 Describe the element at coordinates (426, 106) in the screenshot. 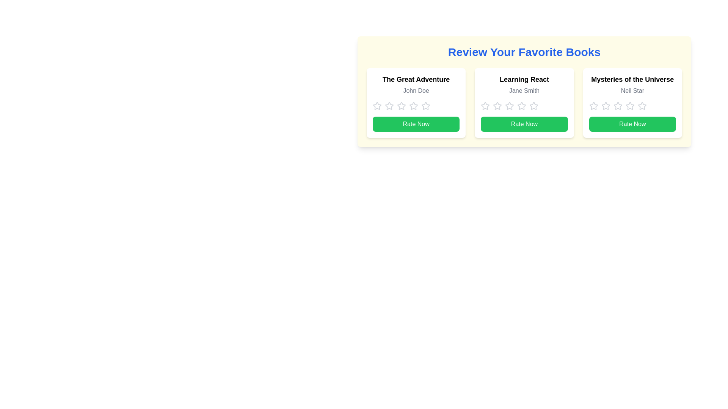

I see `the fourth star icon` at that location.